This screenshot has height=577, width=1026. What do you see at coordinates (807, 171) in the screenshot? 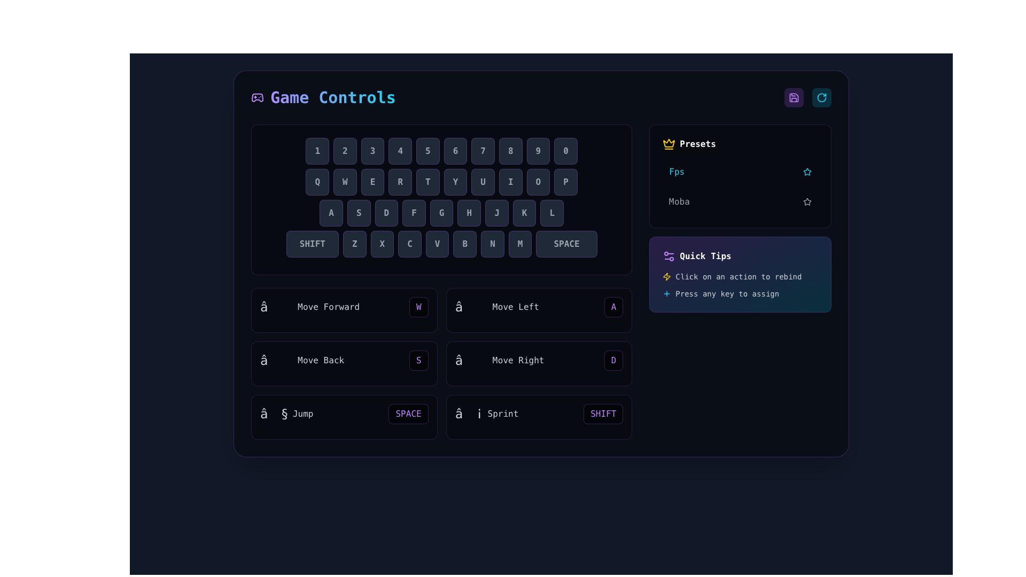
I see `the interactive star icon next to the 'Fps' label in the 'Presets' section to favorite or select it` at bounding box center [807, 171].